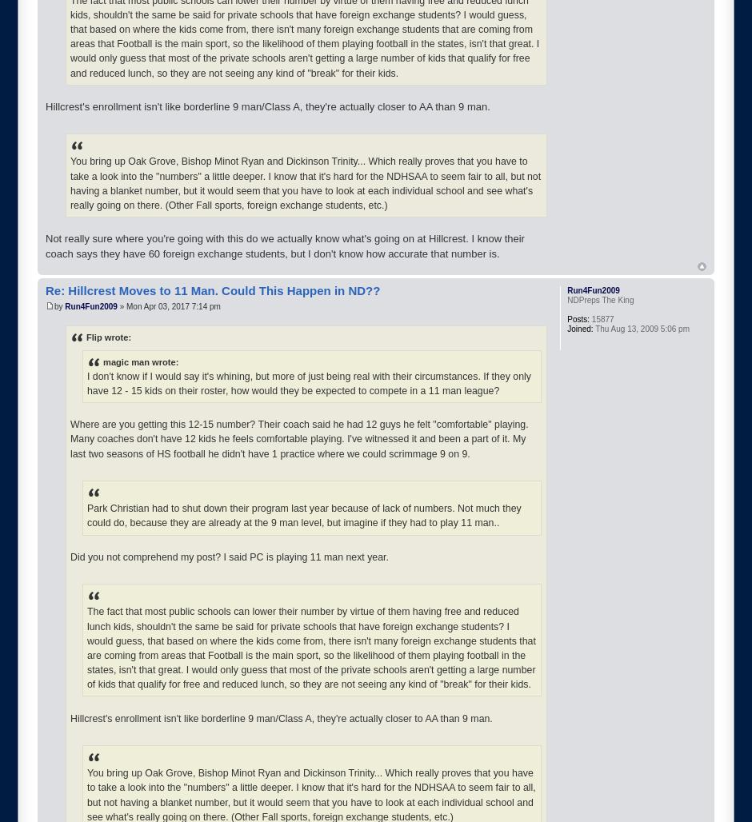 Image resolution: width=752 pixels, height=822 pixels. What do you see at coordinates (298, 438) in the screenshot?
I see `'Where are you getting this 12-15 number?  Their coach said he had 12 guys he felt "comfortable" playing.  Many coaches don't have 12 kids he feels comfortable playing.  I've witnessed it and been a part of it.  My last two seasons of HS football he didn't have 1 practice where we could scrimmage 9 on 9.'` at bounding box center [298, 438].